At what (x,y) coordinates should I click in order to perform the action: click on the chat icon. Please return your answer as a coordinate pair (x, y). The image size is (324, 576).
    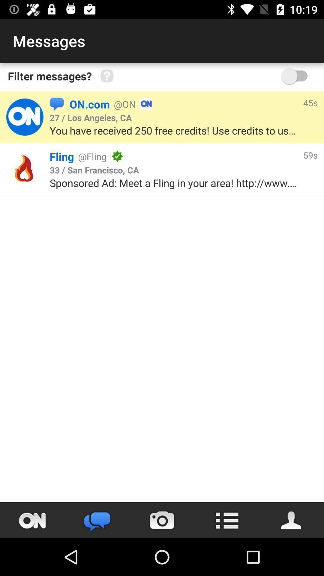
    Looking at the image, I should click on (97, 520).